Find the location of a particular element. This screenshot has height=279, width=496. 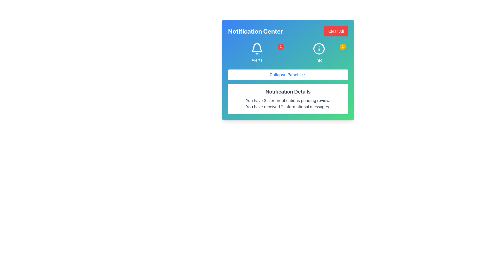

text snippet stating 'You have received 2 informational messages.' located in the Notification Center, directly below the alert notifications message is located at coordinates (288, 106).